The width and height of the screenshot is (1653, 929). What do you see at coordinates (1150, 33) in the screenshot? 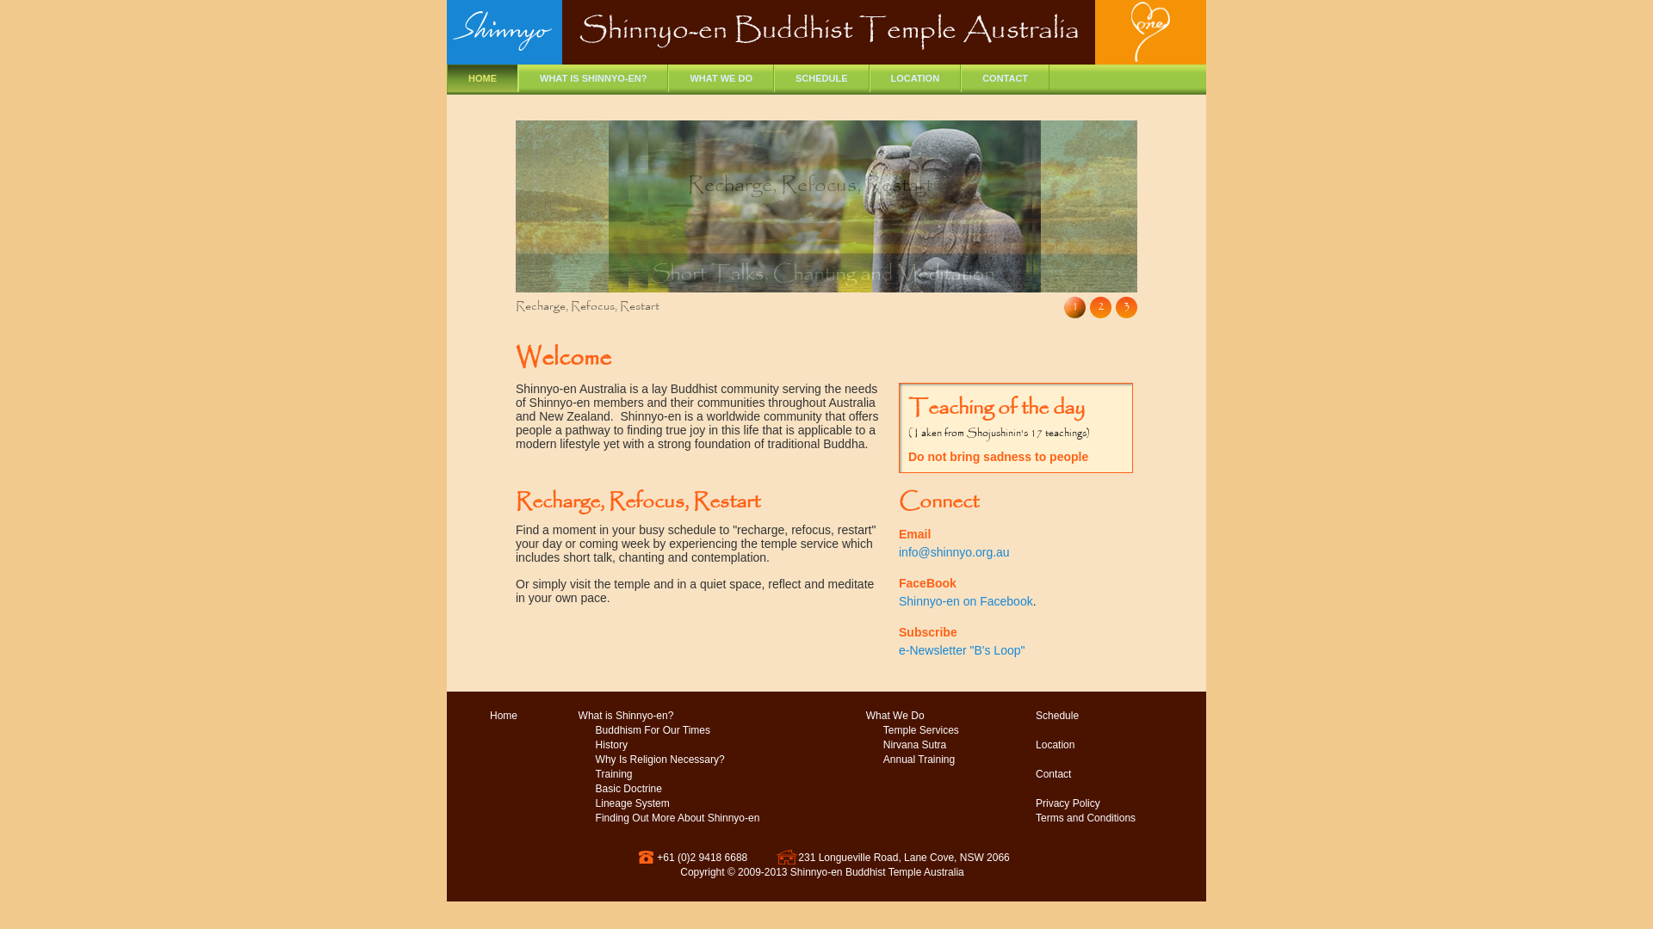
I see `'One Heart'` at bounding box center [1150, 33].